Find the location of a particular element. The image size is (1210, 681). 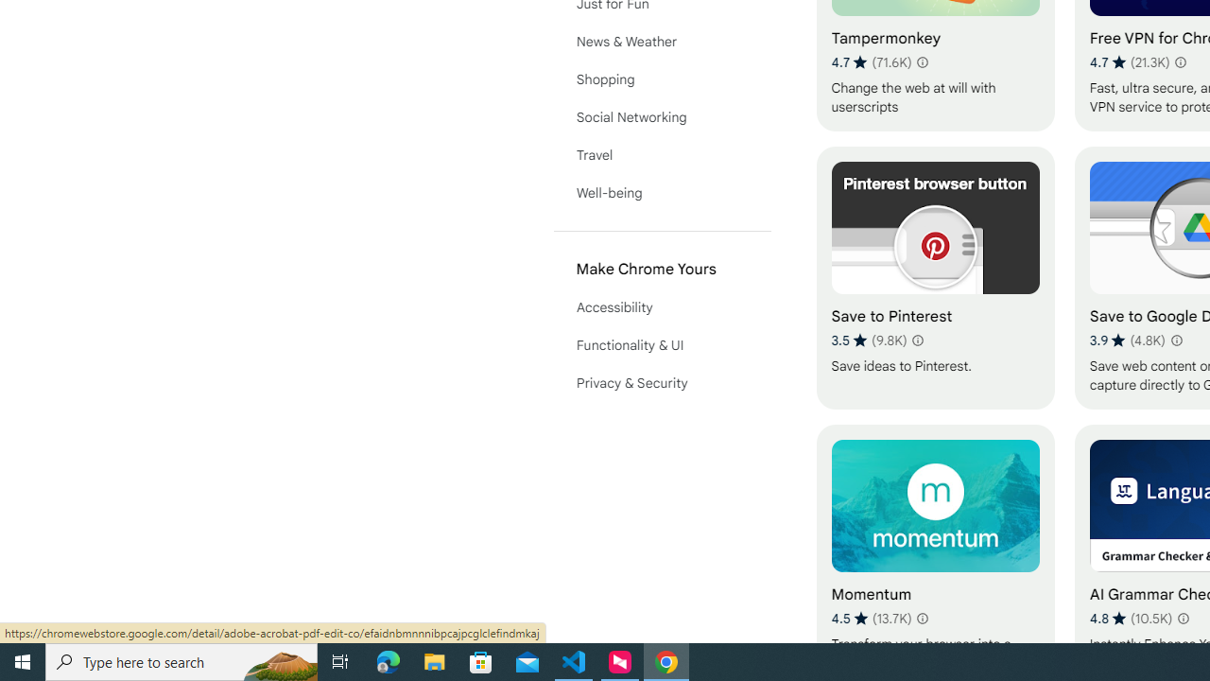

'Average rating 4.7 out of 5 stars. 21.3K ratings.' is located at coordinates (1129, 61).